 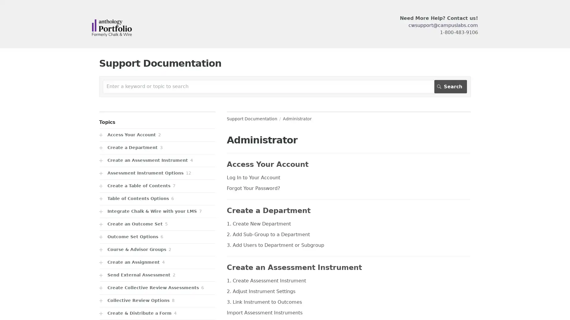 I want to click on Course & Advisor Groups 2, so click(x=157, y=249).